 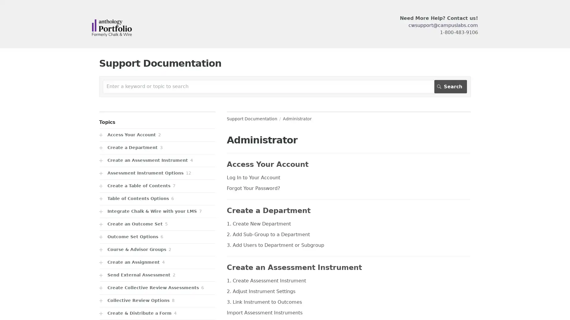 I want to click on Course & Advisor Groups 2, so click(x=157, y=249).